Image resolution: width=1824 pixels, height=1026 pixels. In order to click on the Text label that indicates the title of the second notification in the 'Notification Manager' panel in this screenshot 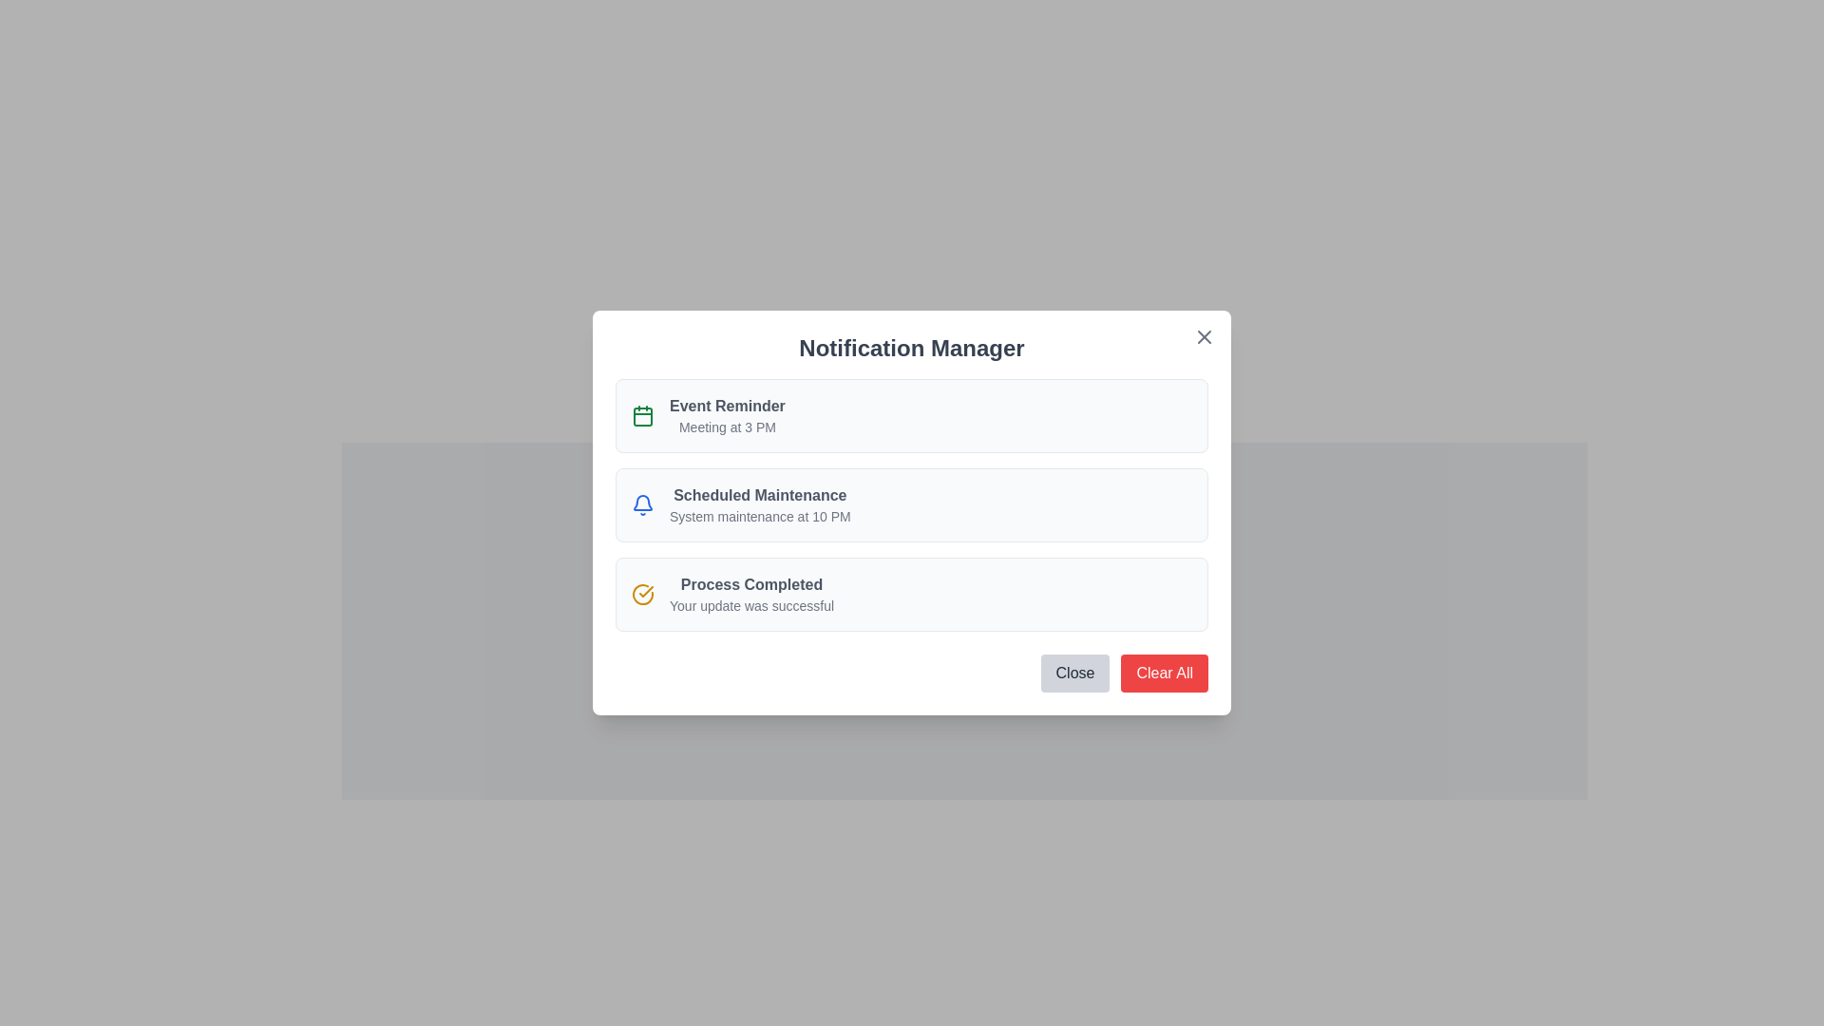, I will do `click(760, 494)`.